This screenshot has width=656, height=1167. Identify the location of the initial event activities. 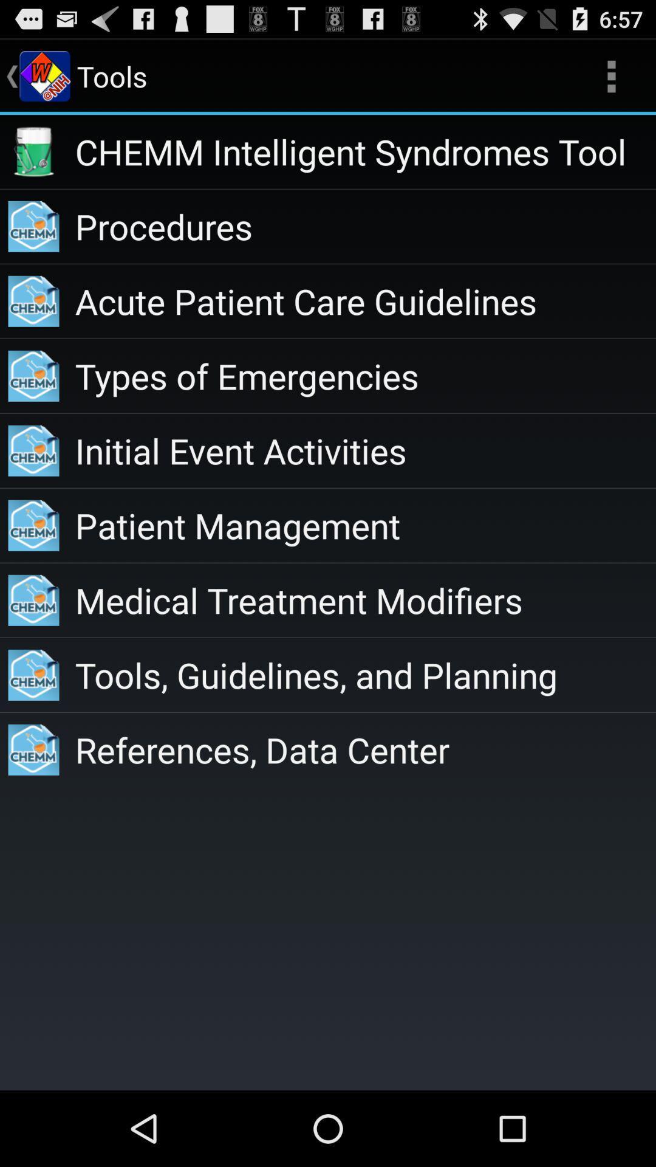
(364, 450).